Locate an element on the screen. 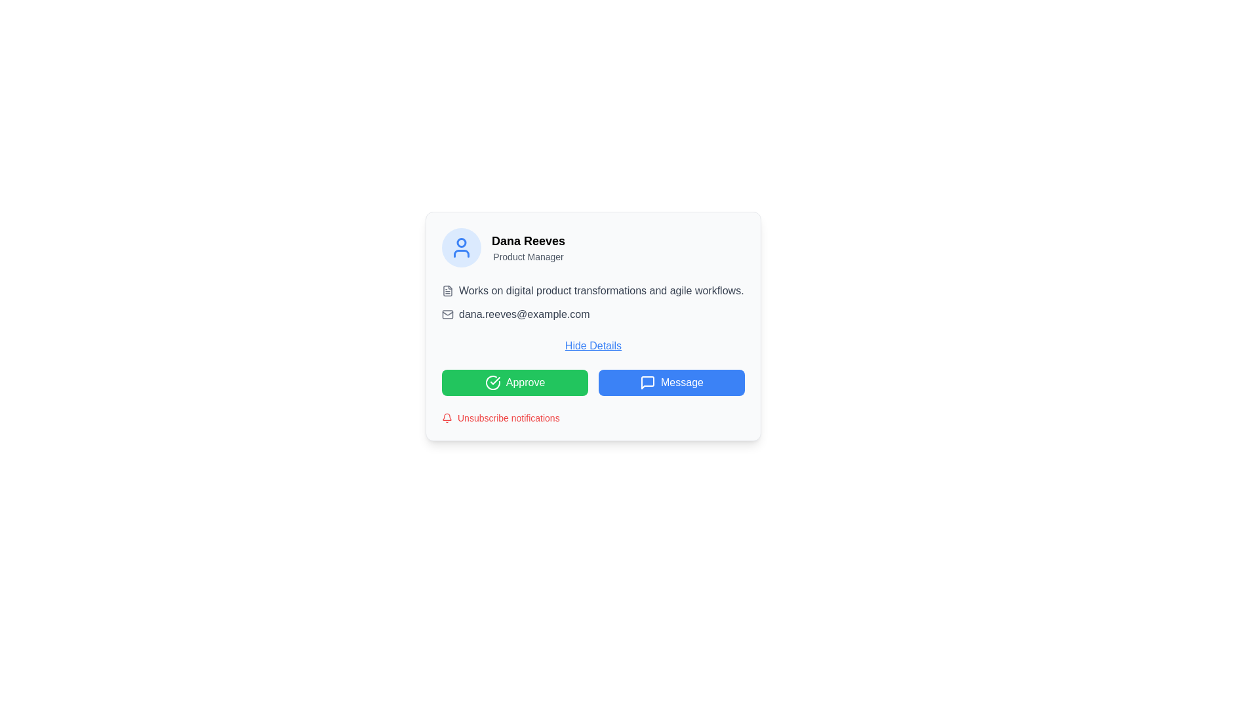 This screenshot has width=1259, height=708. the green button labeled 'Approve' with rounded corners is located at coordinates (514, 382).